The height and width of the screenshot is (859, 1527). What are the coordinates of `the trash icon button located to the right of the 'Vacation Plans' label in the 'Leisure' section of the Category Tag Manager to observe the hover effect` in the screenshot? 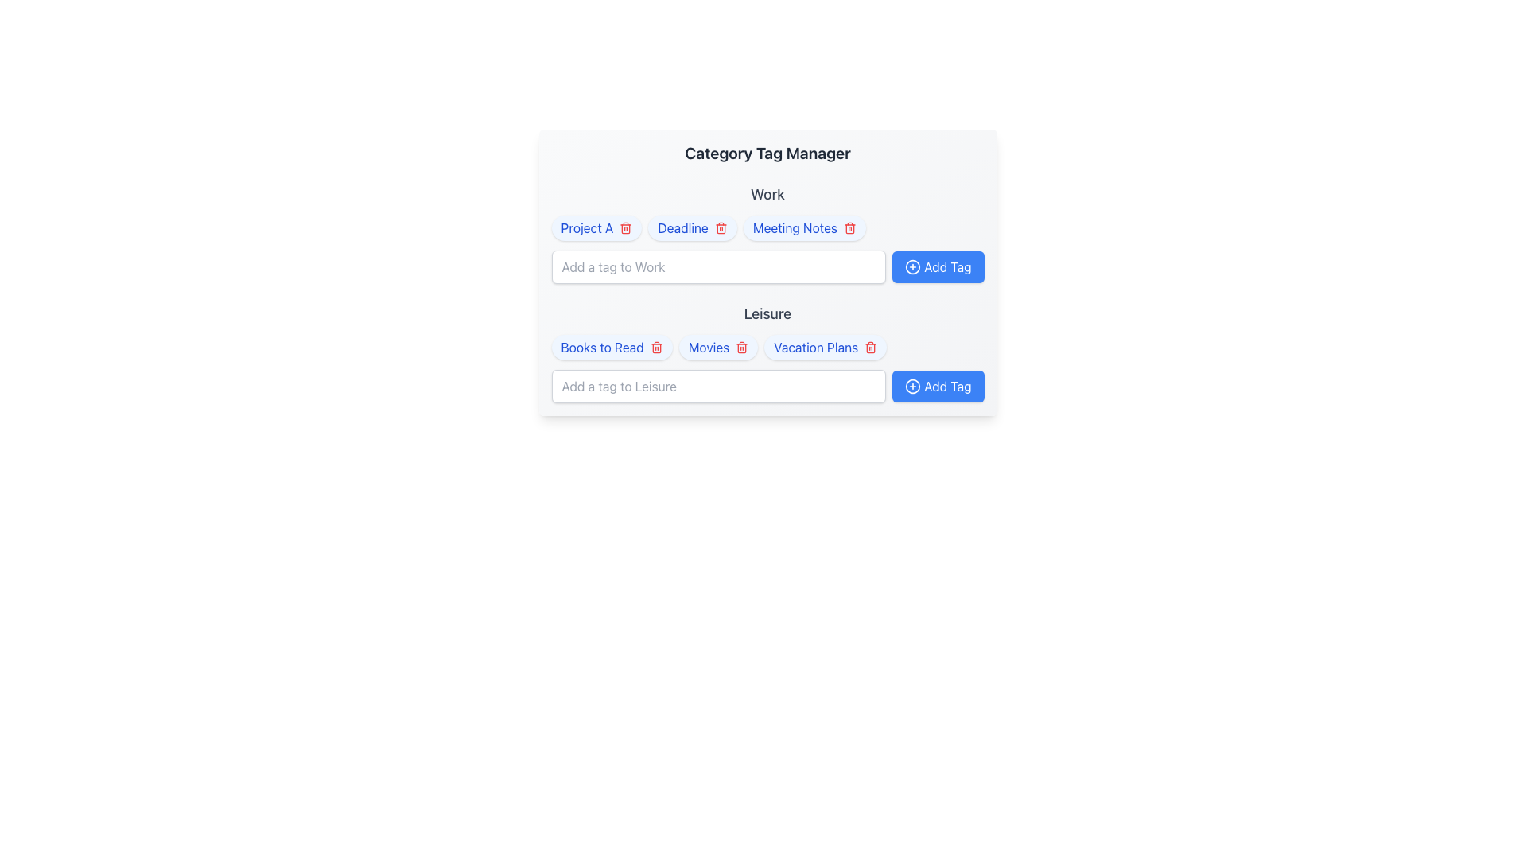 It's located at (870, 346).